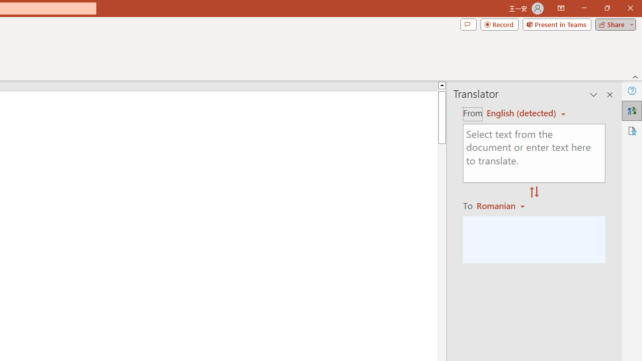 The image size is (642, 361). Describe the element at coordinates (522, 113) in the screenshot. I see `'Czech (detected)'` at that location.